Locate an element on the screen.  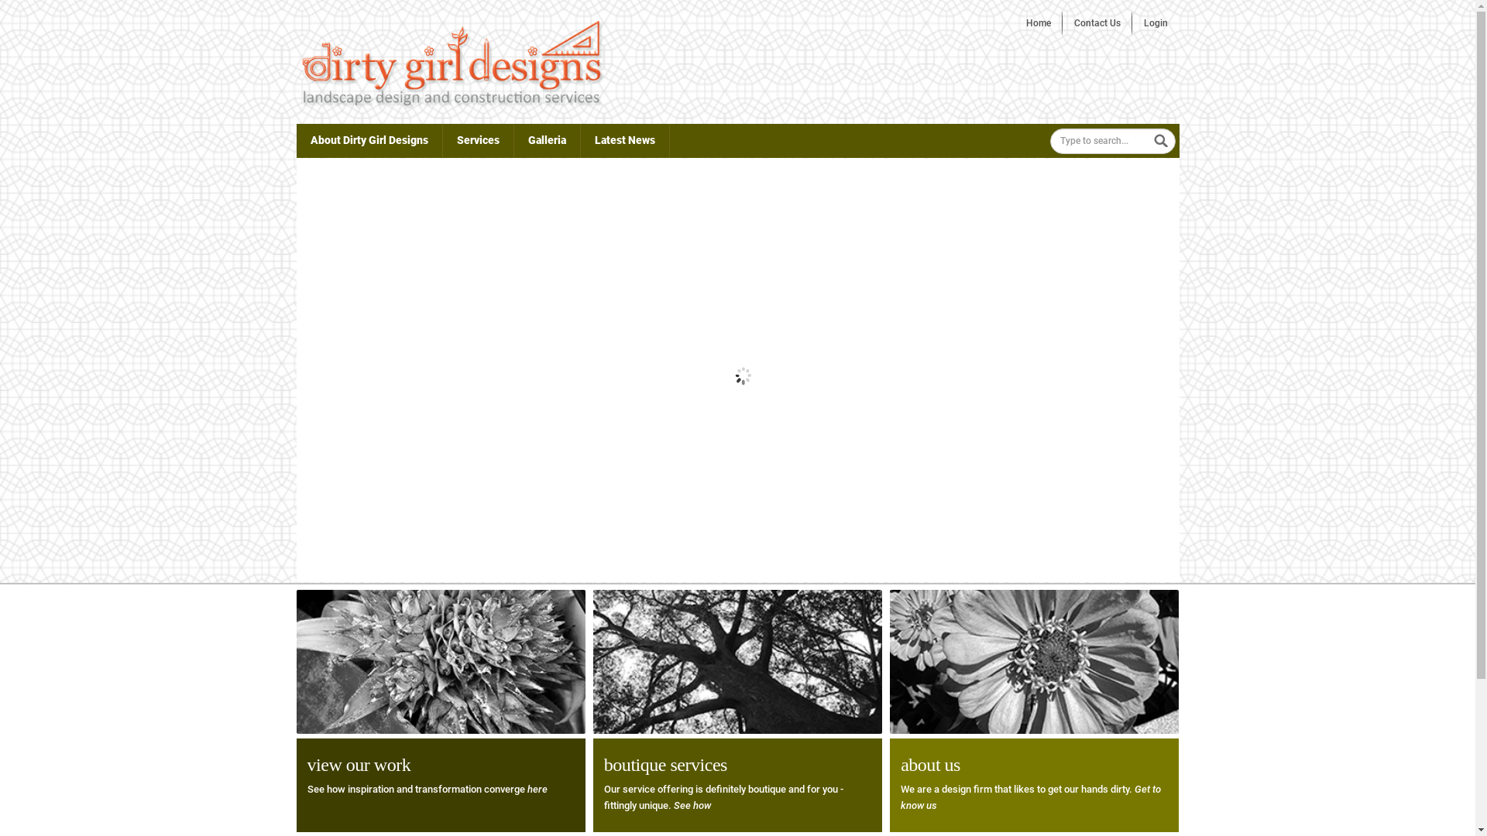
'Home' is located at coordinates (1038, 23).